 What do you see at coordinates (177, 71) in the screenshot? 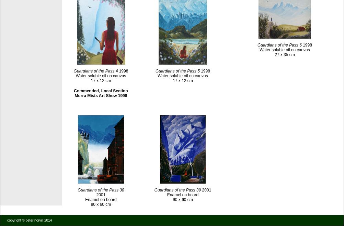
I see `'Guardians of the Pass 5'` at bounding box center [177, 71].